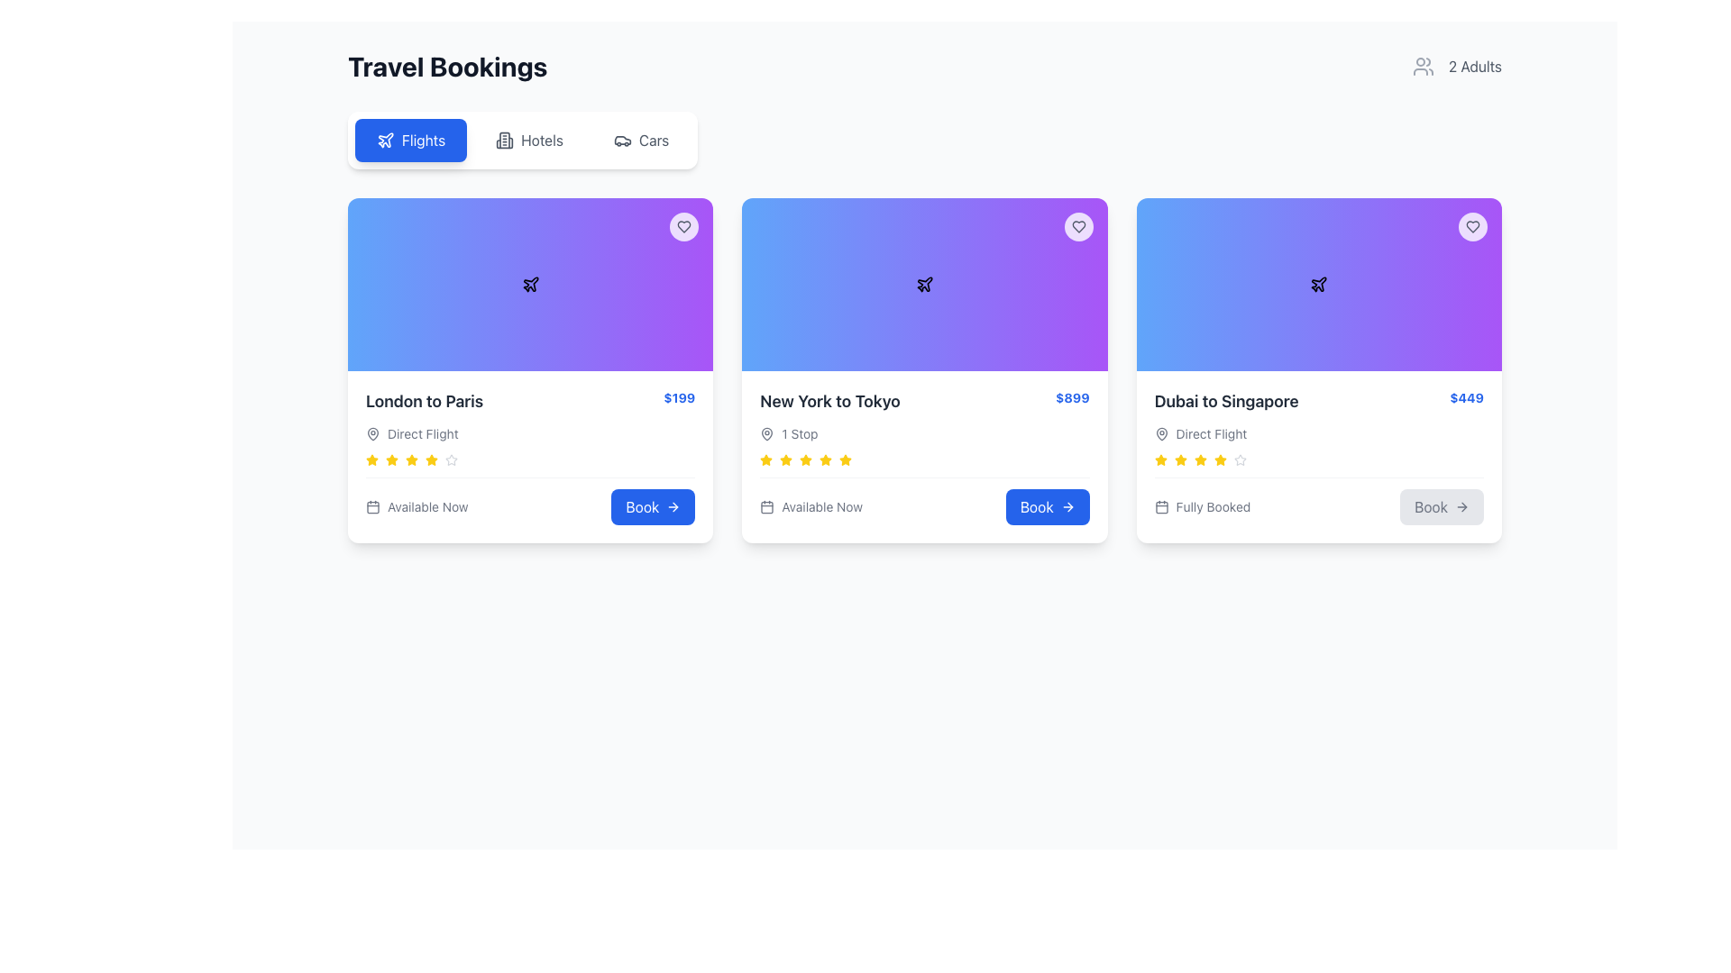 The height and width of the screenshot is (973, 1731). I want to click on the static text displaying the number of adults associated with a booking, located in the top right corner of the interface next to the 'users' icon, so click(1475, 65).